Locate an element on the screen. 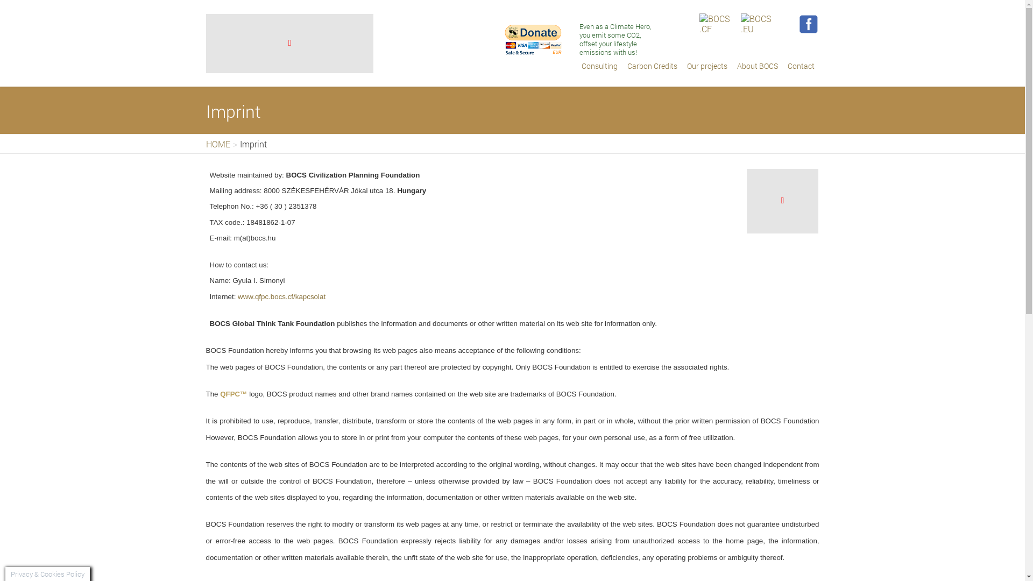 The height and width of the screenshot is (581, 1033). 'Contact' is located at coordinates (801, 66).